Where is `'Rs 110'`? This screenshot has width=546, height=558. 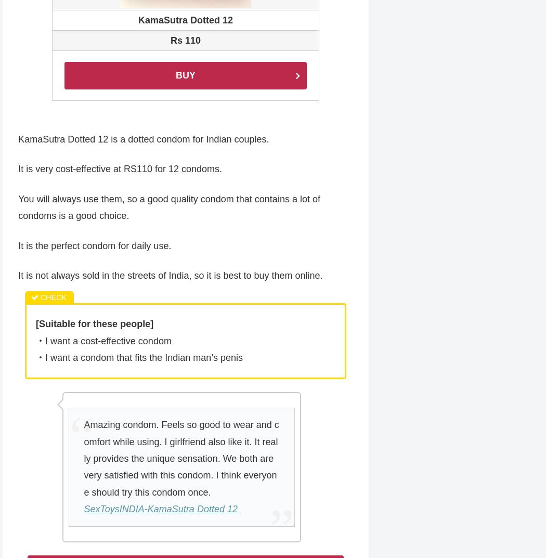 'Rs 110' is located at coordinates (185, 42).